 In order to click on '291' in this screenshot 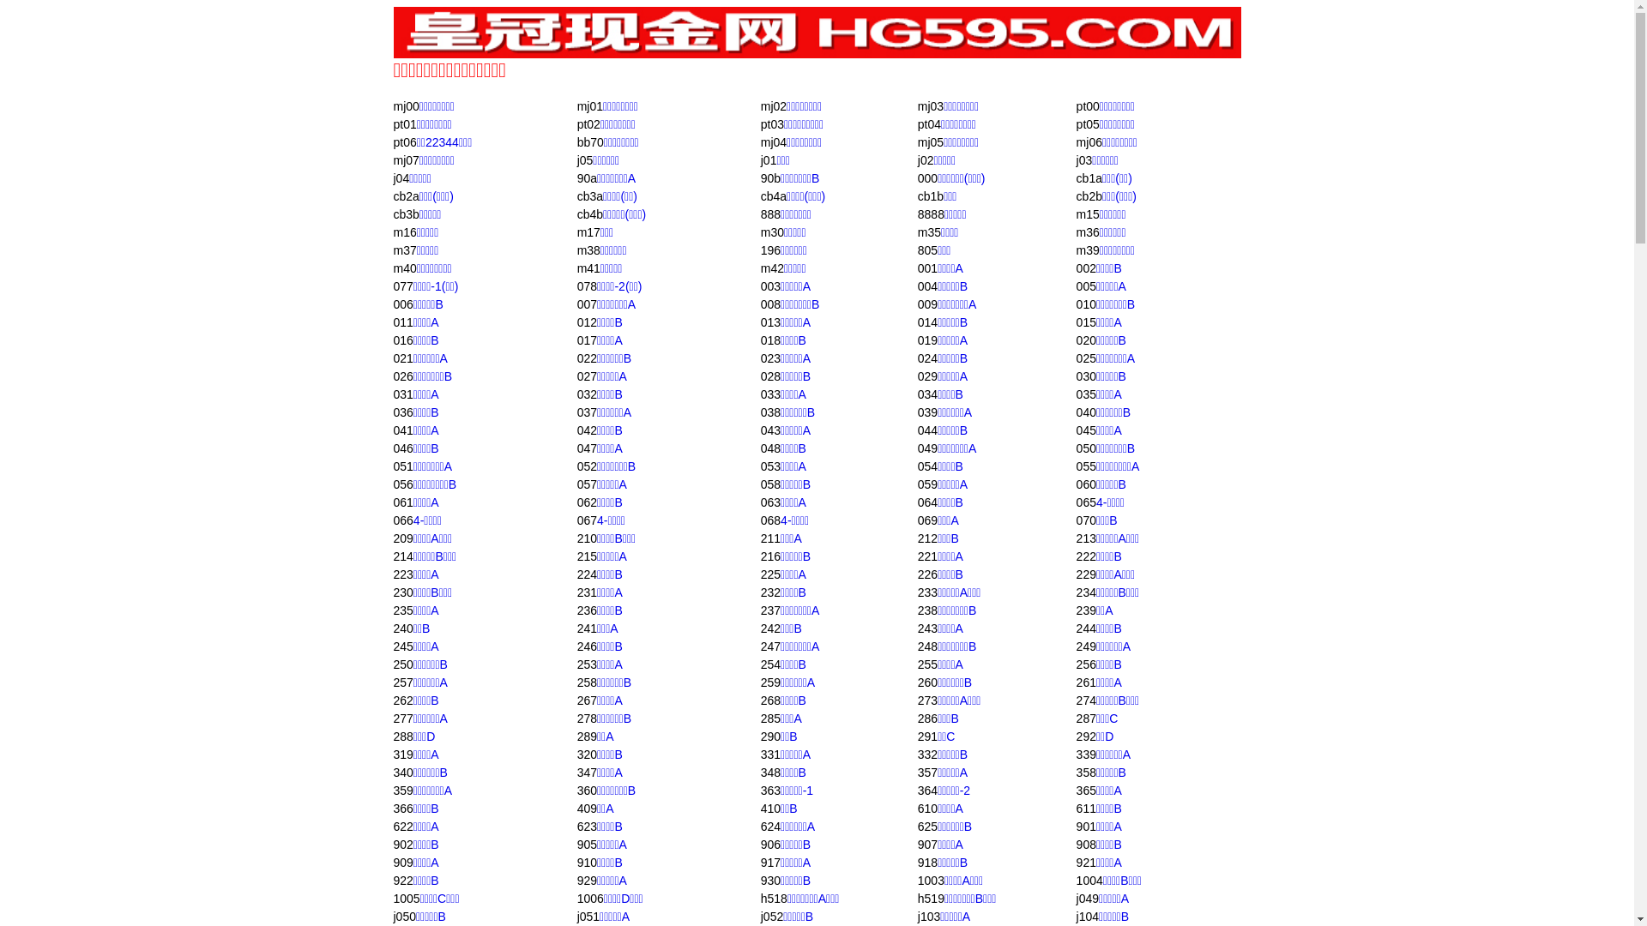, I will do `click(926, 736)`.